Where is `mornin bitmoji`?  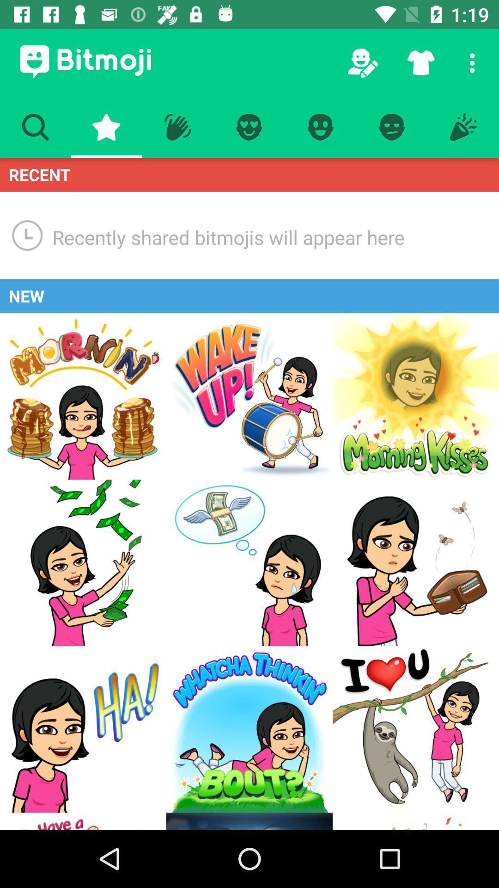 mornin bitmoji is located at coordinates (83, 396).